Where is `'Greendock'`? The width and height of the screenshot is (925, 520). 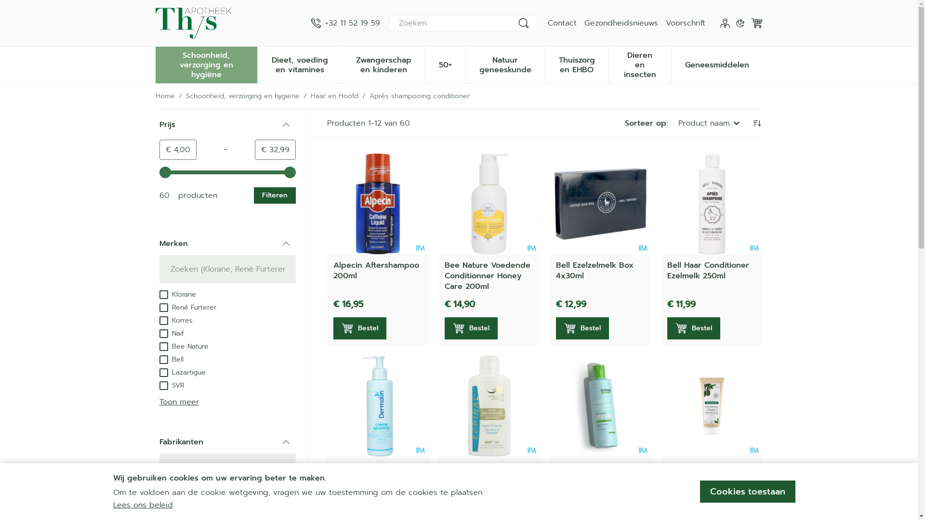
'Greendock' is located at coordinates (183, 505).